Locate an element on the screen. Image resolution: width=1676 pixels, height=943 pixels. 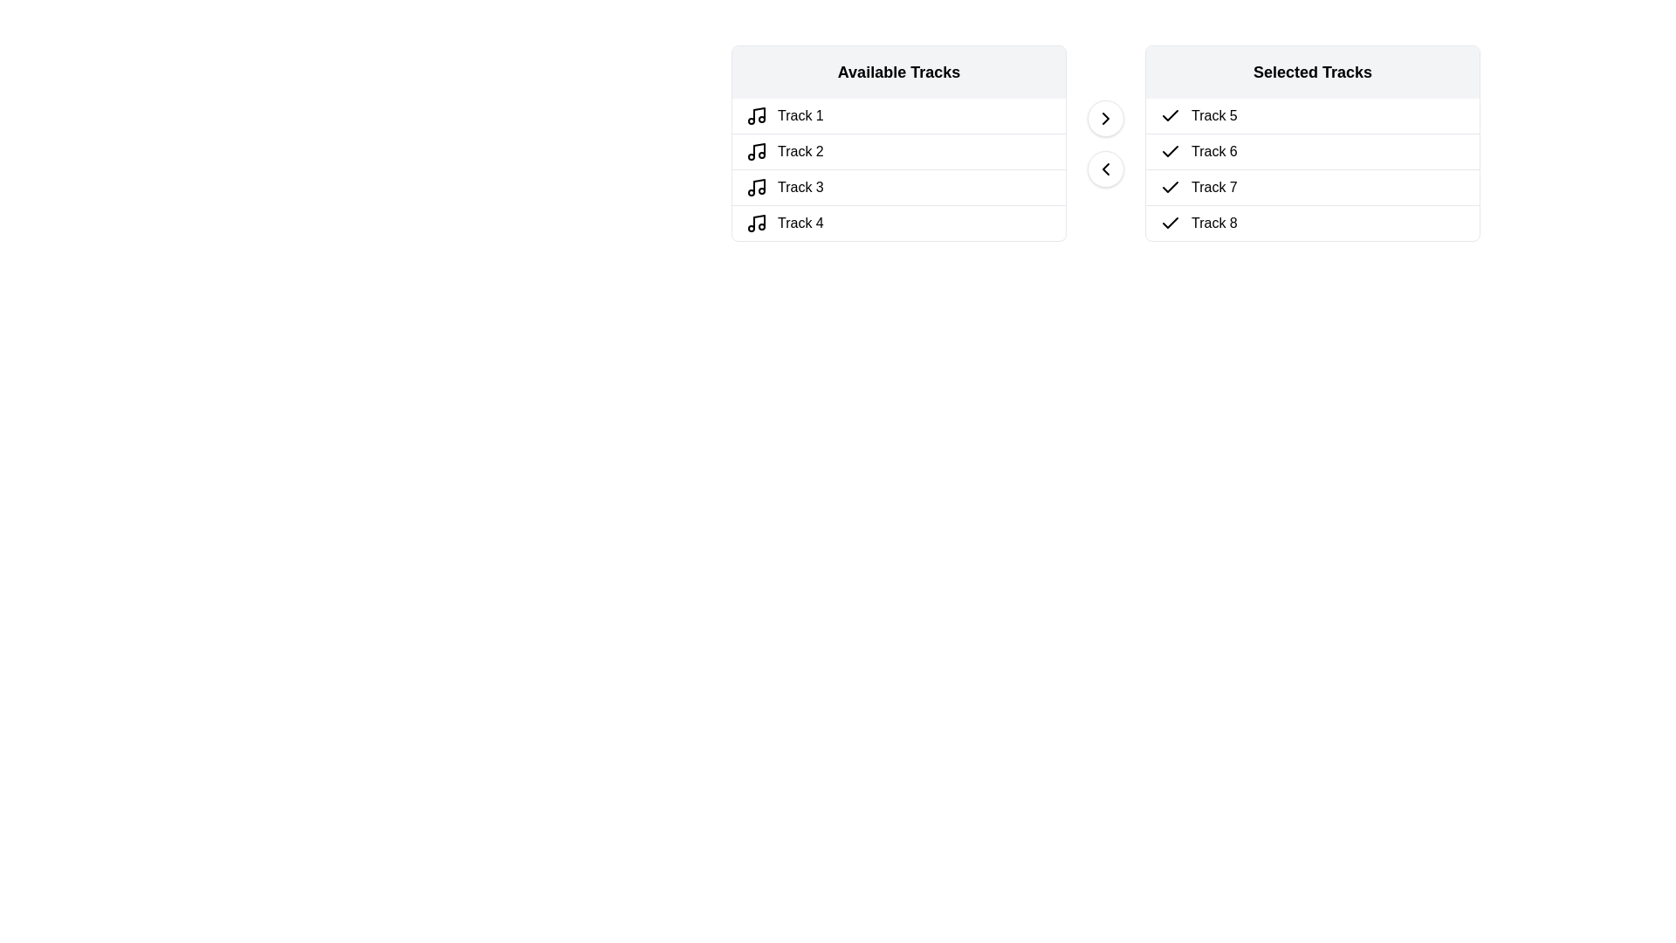
the checkmark icon representing the selection status for 'Track 6' in the 'Selected Tracks' column is located at coordinates (1170, 150).